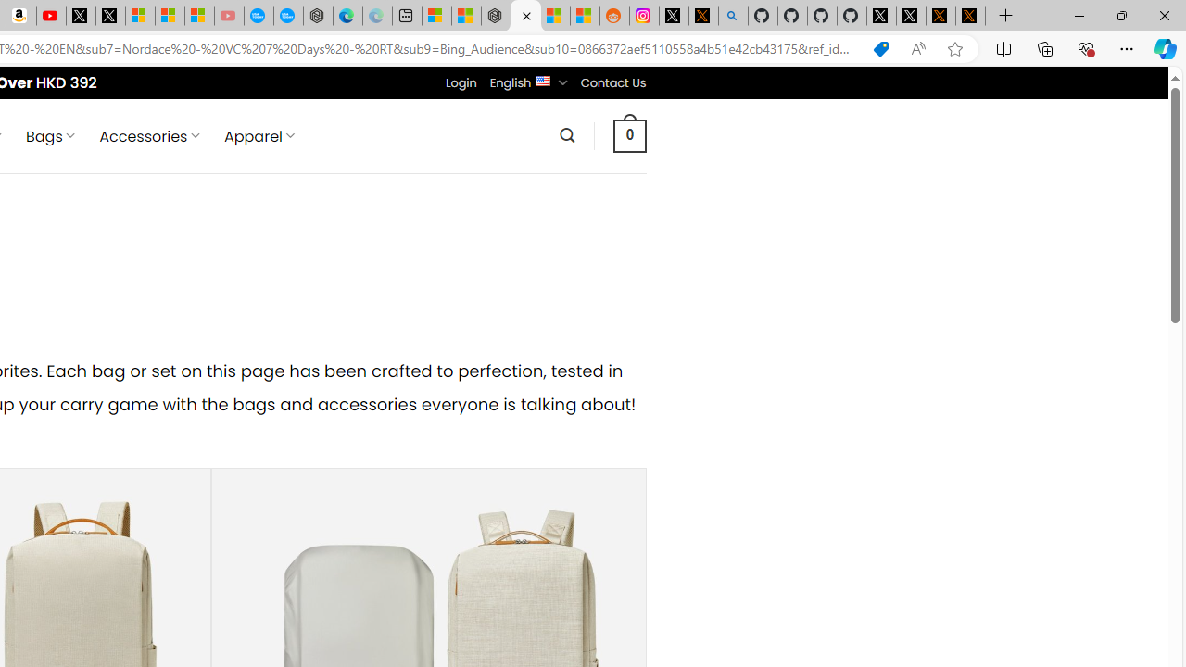 The height and width of the screenshot is (667, 1186). I want to click on 'github - Search', so click(732, 16).